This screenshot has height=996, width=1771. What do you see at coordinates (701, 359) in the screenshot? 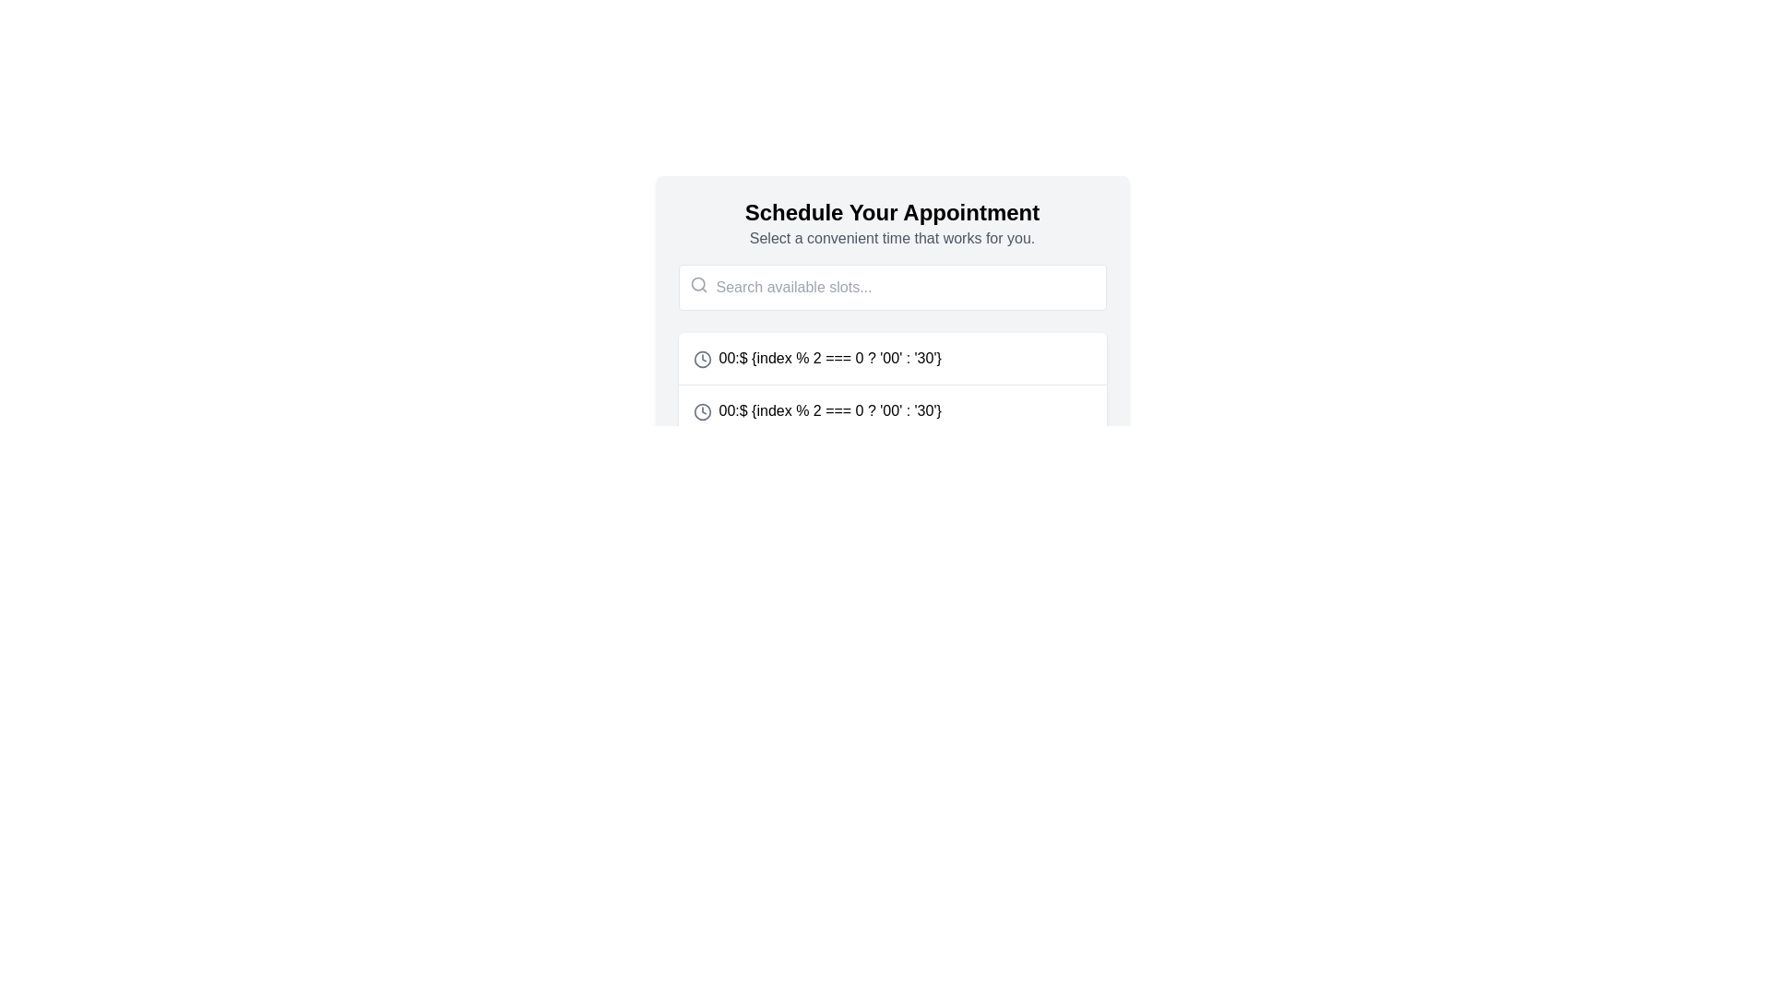
I see `the clock icon, which is a minimalistic gray circular design located in the first item of a vertical list, aligned to the left of the text` at bounding box center [701, 359].